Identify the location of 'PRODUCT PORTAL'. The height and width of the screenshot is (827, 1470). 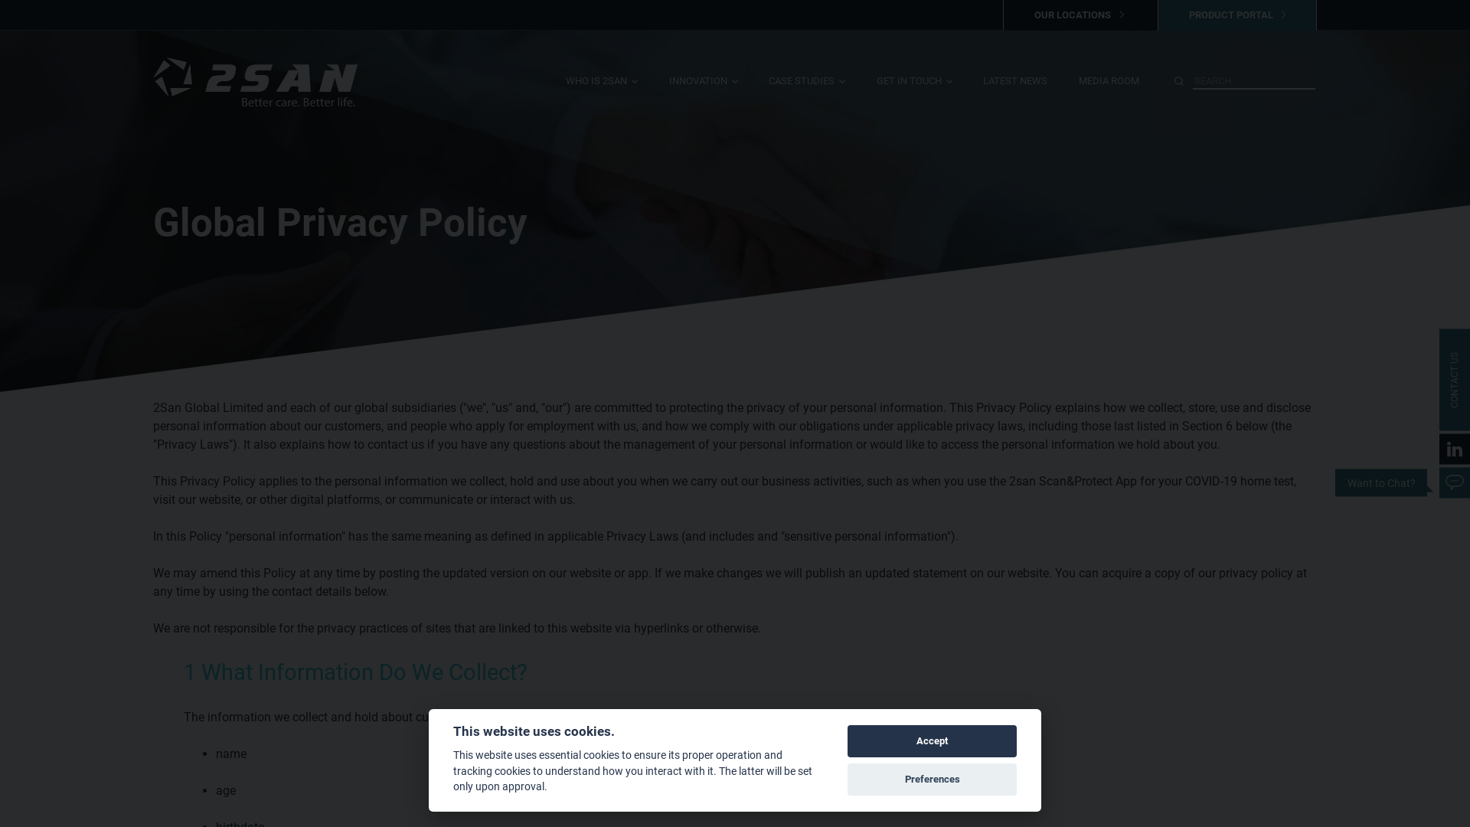
(1237, 15).